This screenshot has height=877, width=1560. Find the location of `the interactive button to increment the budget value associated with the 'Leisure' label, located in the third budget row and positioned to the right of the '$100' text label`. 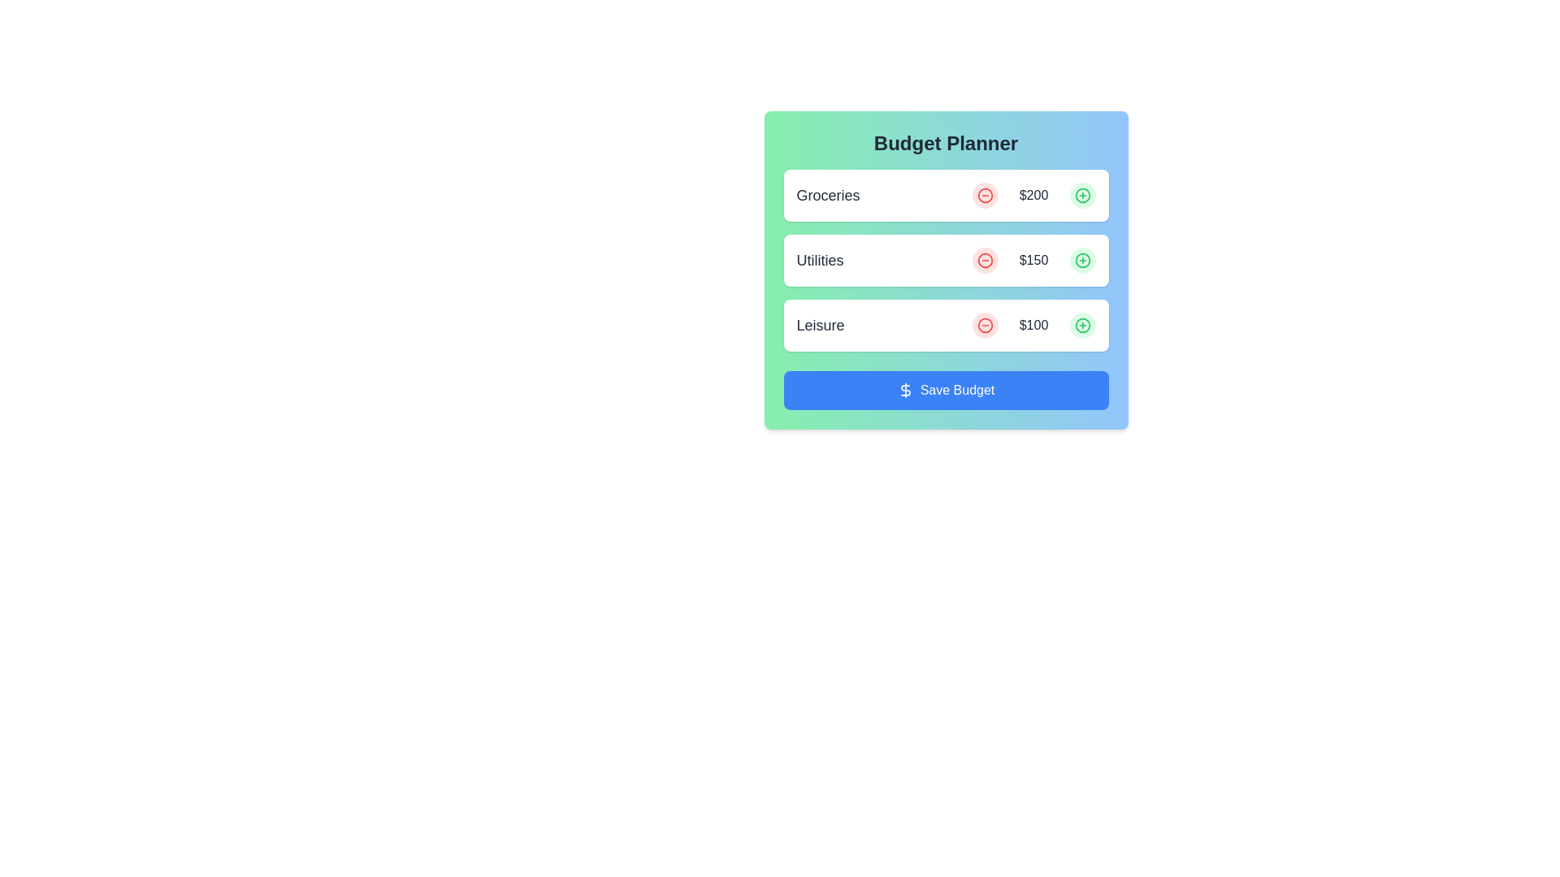

the interactive button to increment the budget value associated with the 'Leisure' label, located in the third budget row and positioned to the right of the '$100' text label is located at coordinates (1082, 326).